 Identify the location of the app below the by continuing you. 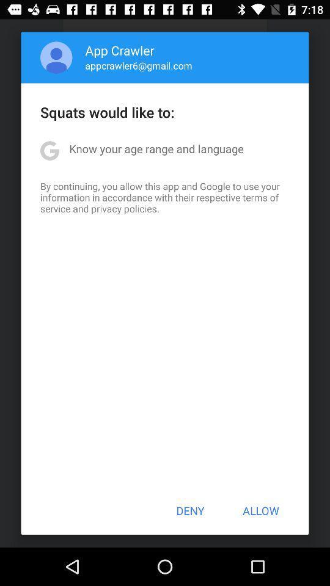
(190, 510).